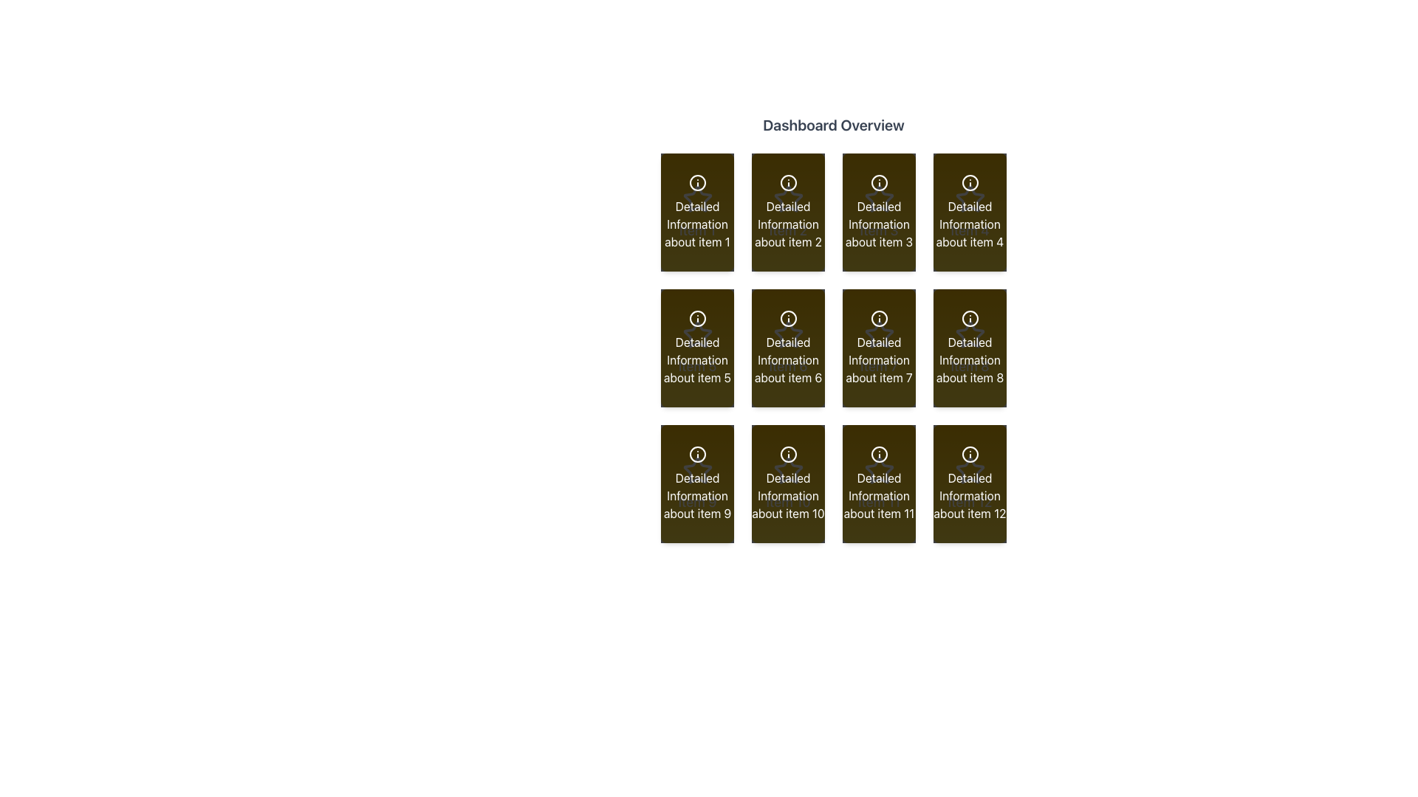  I want to click on the static text label providing descriptive information related to 'item 6', located in the second row and second column of a 3x4 grid layout, so click(787, 360).